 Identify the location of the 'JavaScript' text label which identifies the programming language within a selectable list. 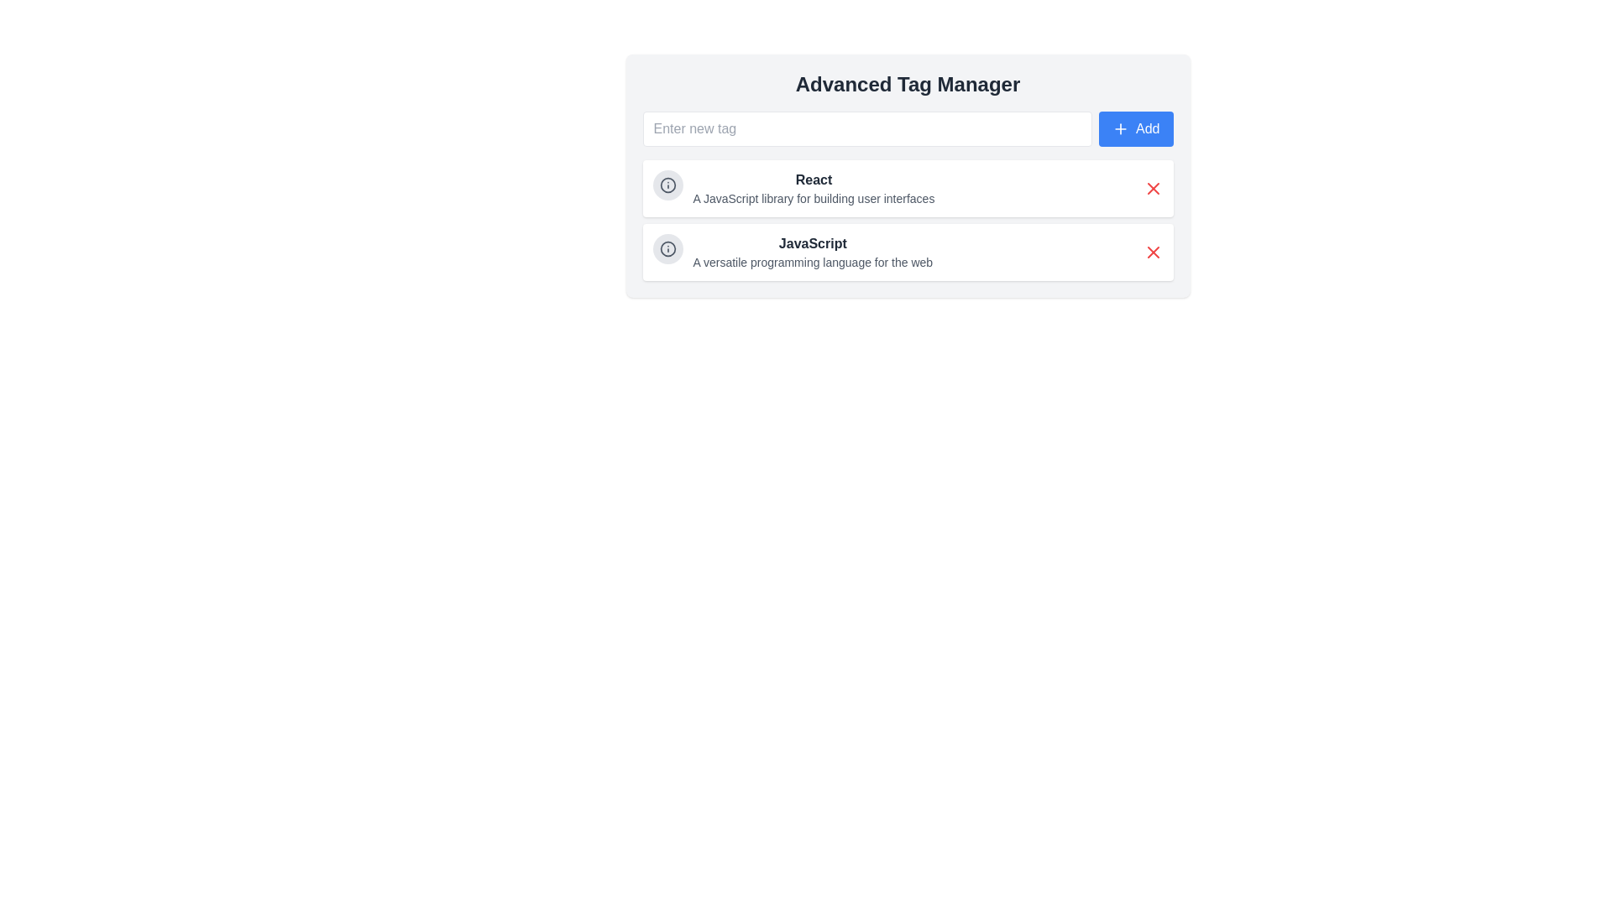
(813, 243).